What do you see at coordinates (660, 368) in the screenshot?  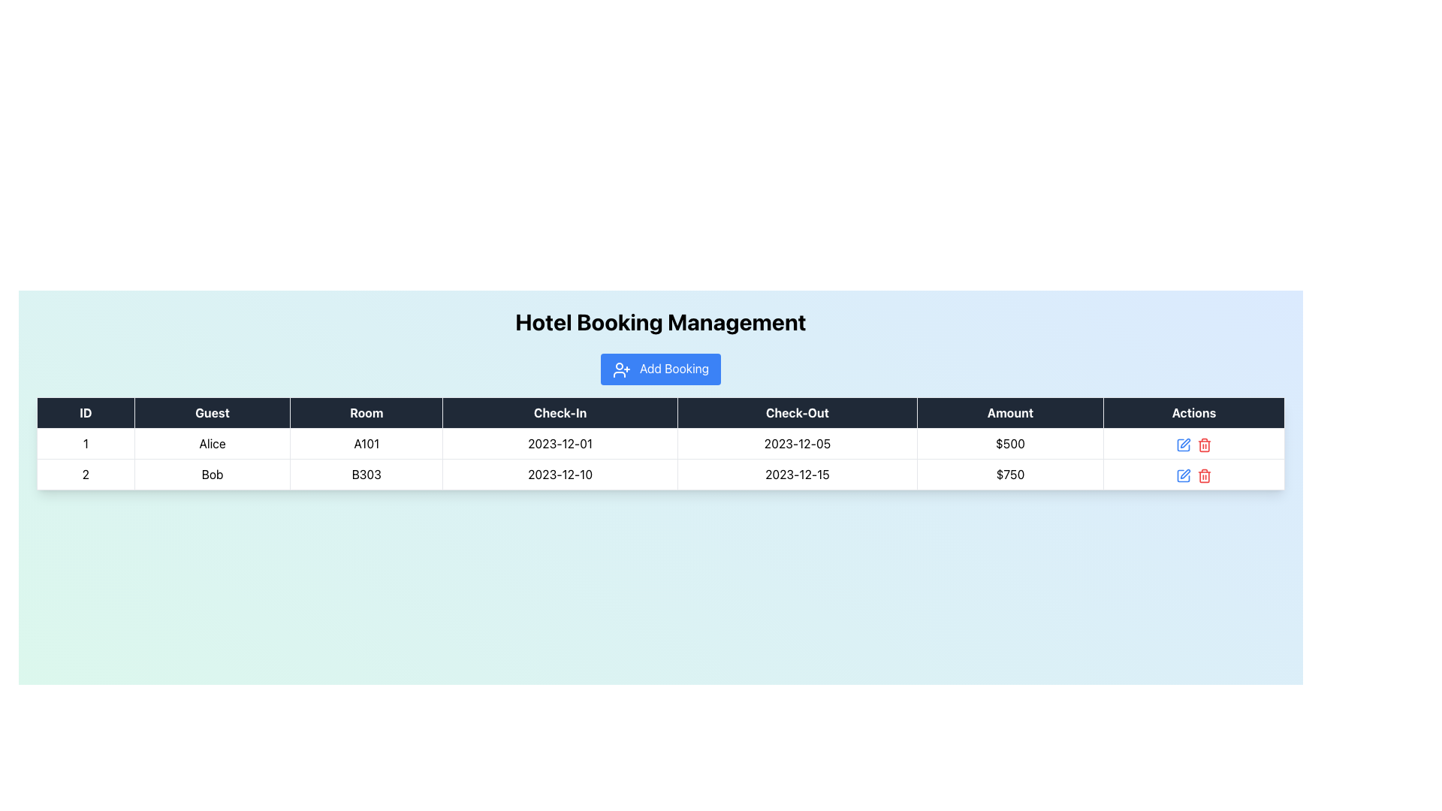 I see `the prominent blue button labeled 'Add Booking' with a user-plus icon` at bounding box center [660, 368].